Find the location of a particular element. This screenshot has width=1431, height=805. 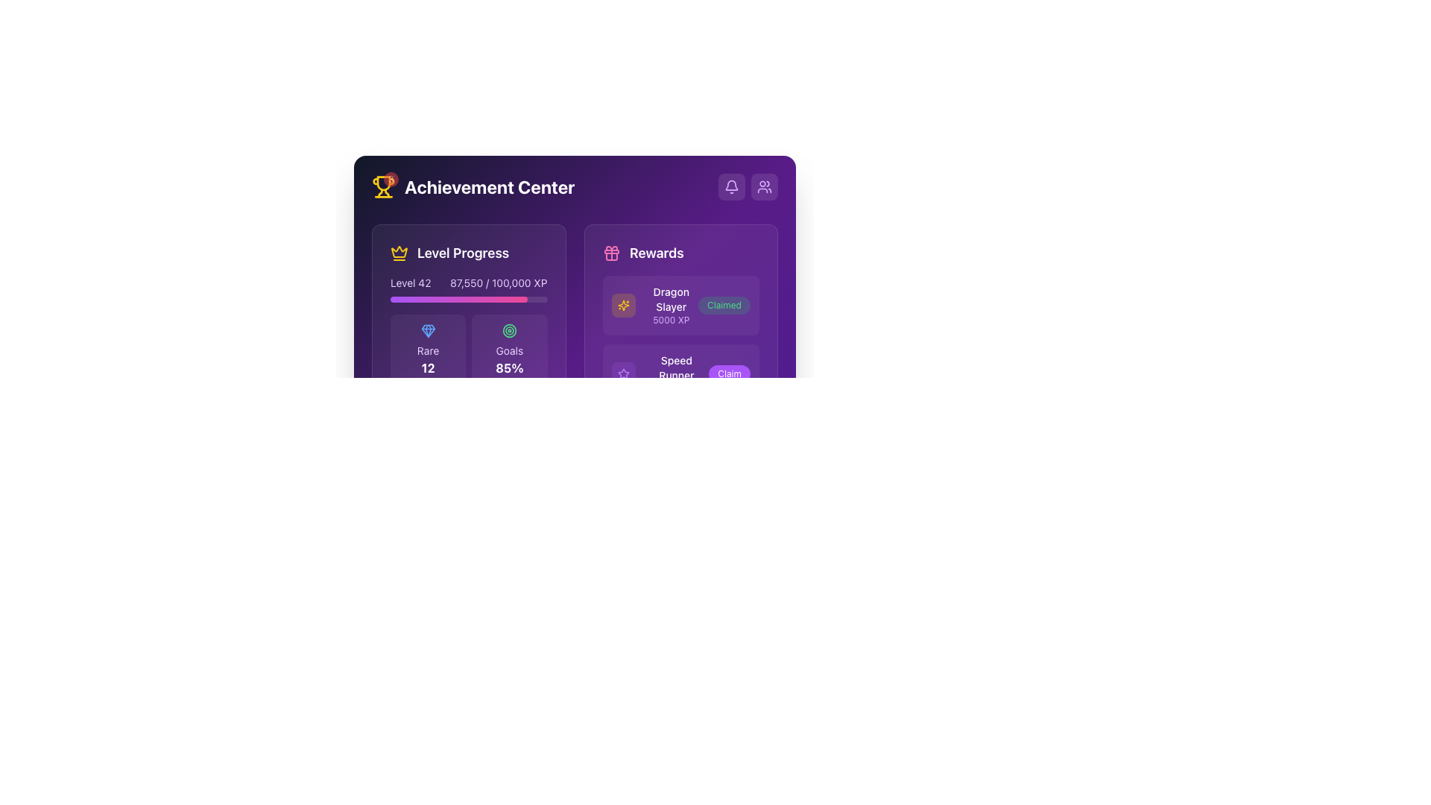

Informational card displaying a purple background with a blue diamond icon, labeled 'Rare' in light purple and the number '12' in bold white, located in the 'Level Progress' section is located at coordinates (427, 350).